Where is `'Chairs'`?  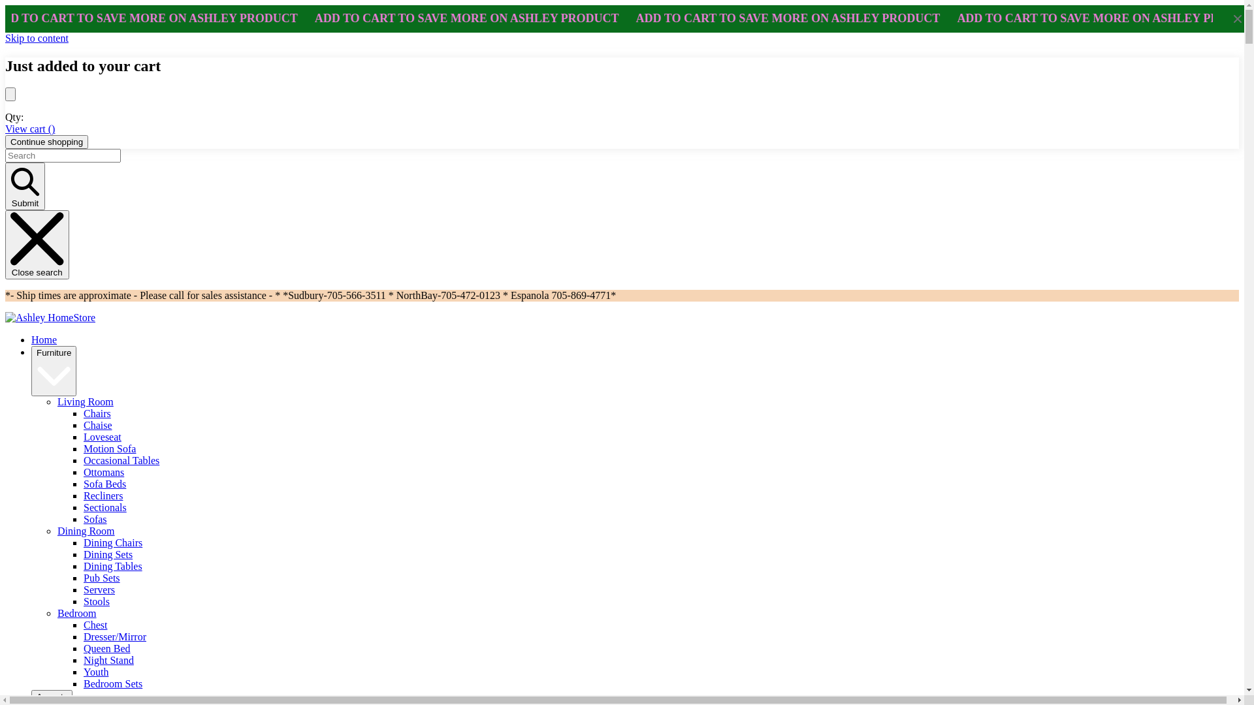
'Chairs' is located at coordinates (83, 413).